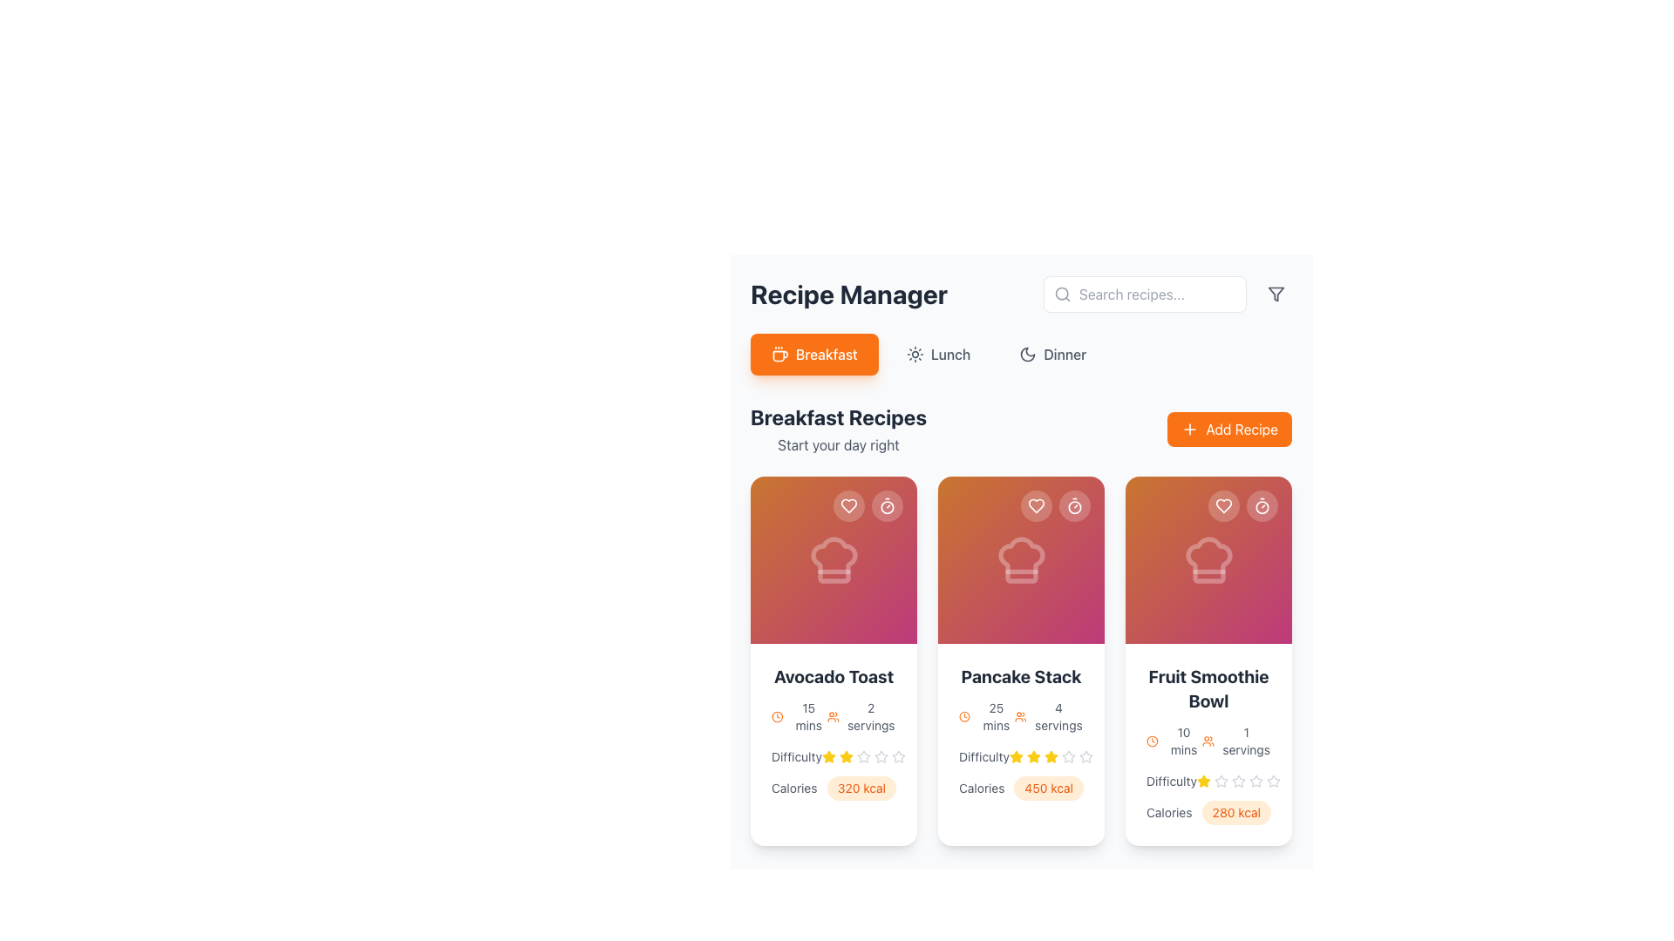 The width and height of the screenshot is (1674, 941). What do you see at coordinates (1169, 813) in the screenshot?
I see `text label displaying 'Calories' which is positioned above the '280 kcal' badge in the 'Fruit Smoothie Bowl' recipe card` at bounding box center [1169, 813].